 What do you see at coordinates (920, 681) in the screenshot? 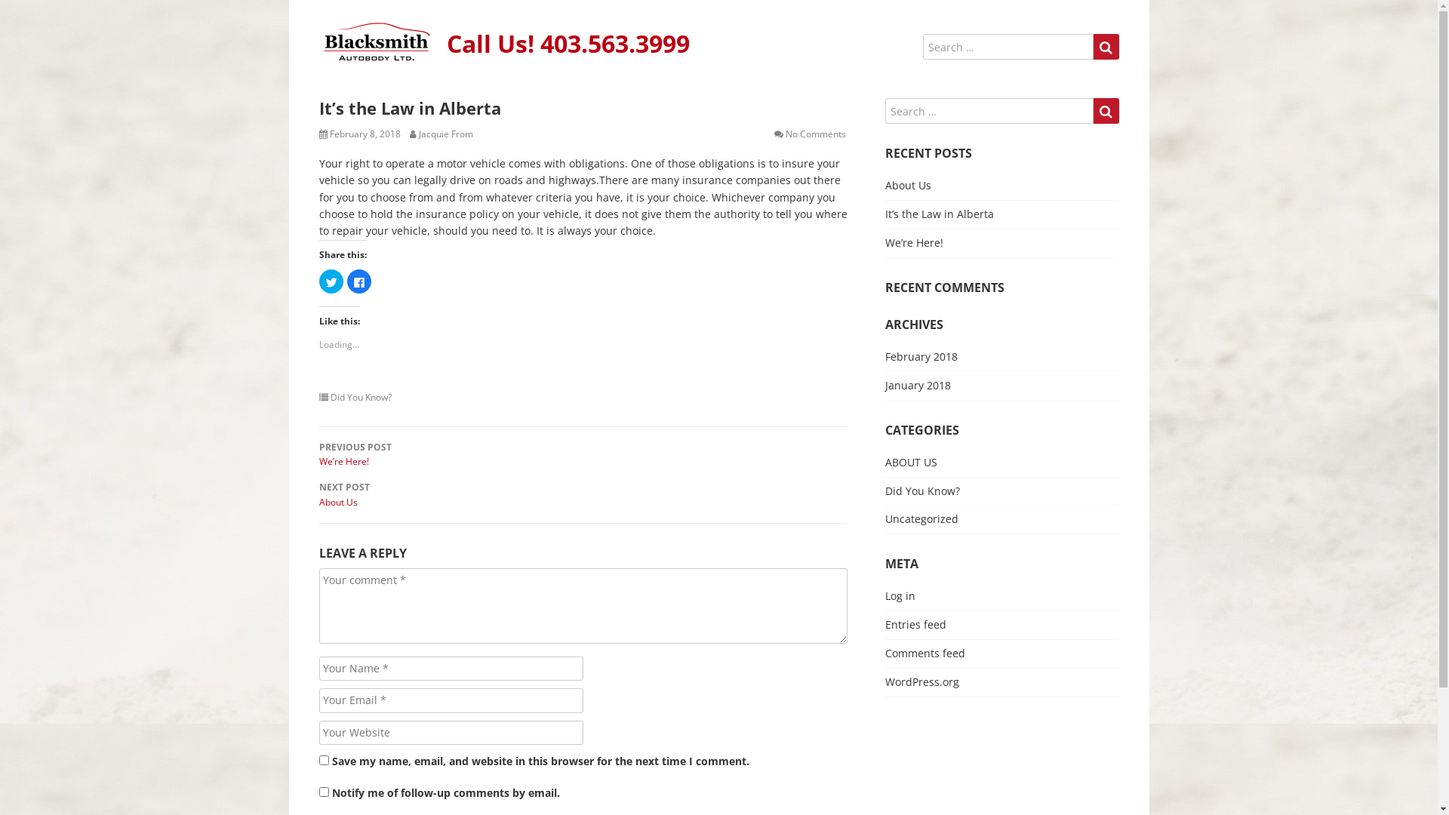
I see `'WordPress.org'` at bounding box center [920, 681].